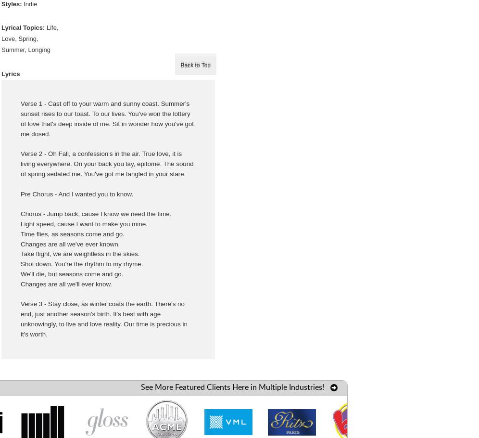 The width and height of the screenshot is (479, 438). Describe the element at coordinates (11, 73) in the screenshot. I see `'Lyrics'` at that location.